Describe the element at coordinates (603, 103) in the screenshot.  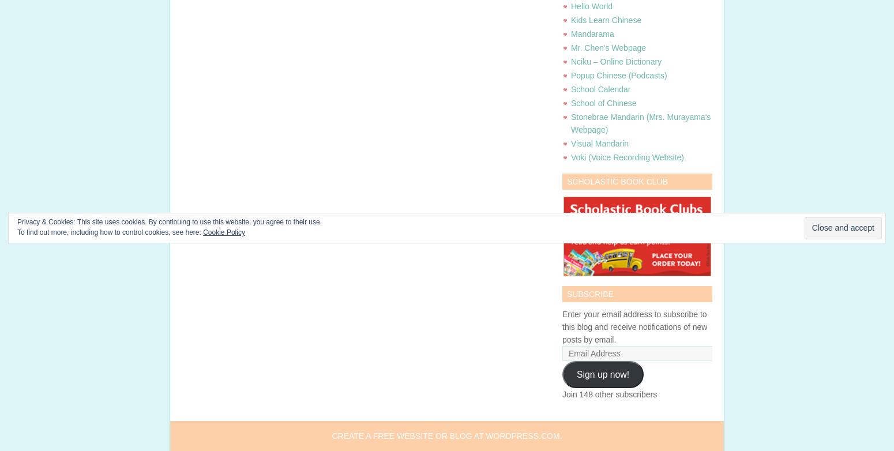
I see `'School of Chinese'` at that location.